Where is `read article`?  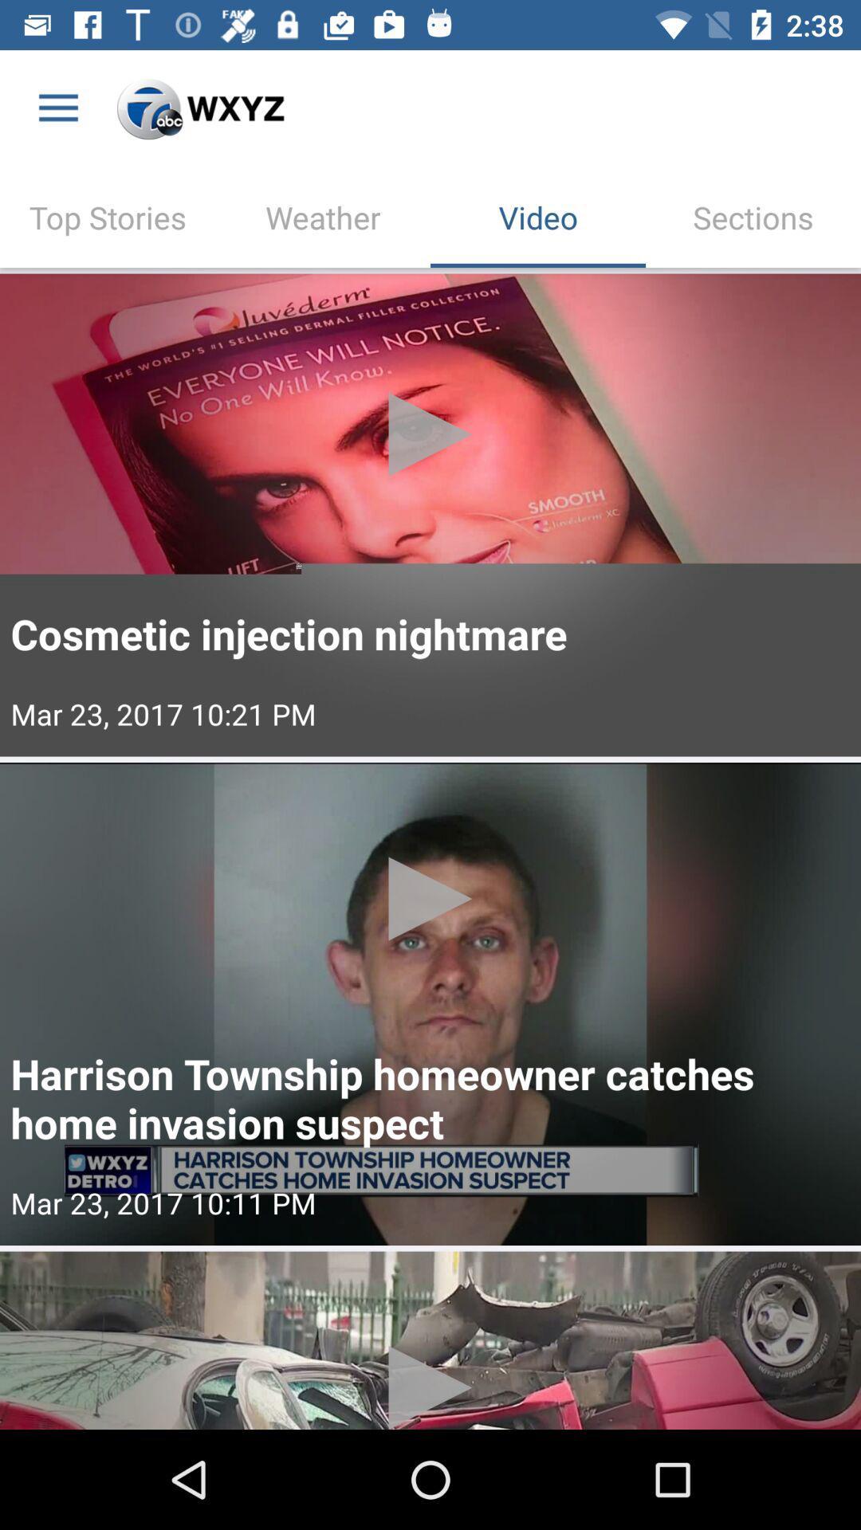 read article is located at coordinates (431, 1340).